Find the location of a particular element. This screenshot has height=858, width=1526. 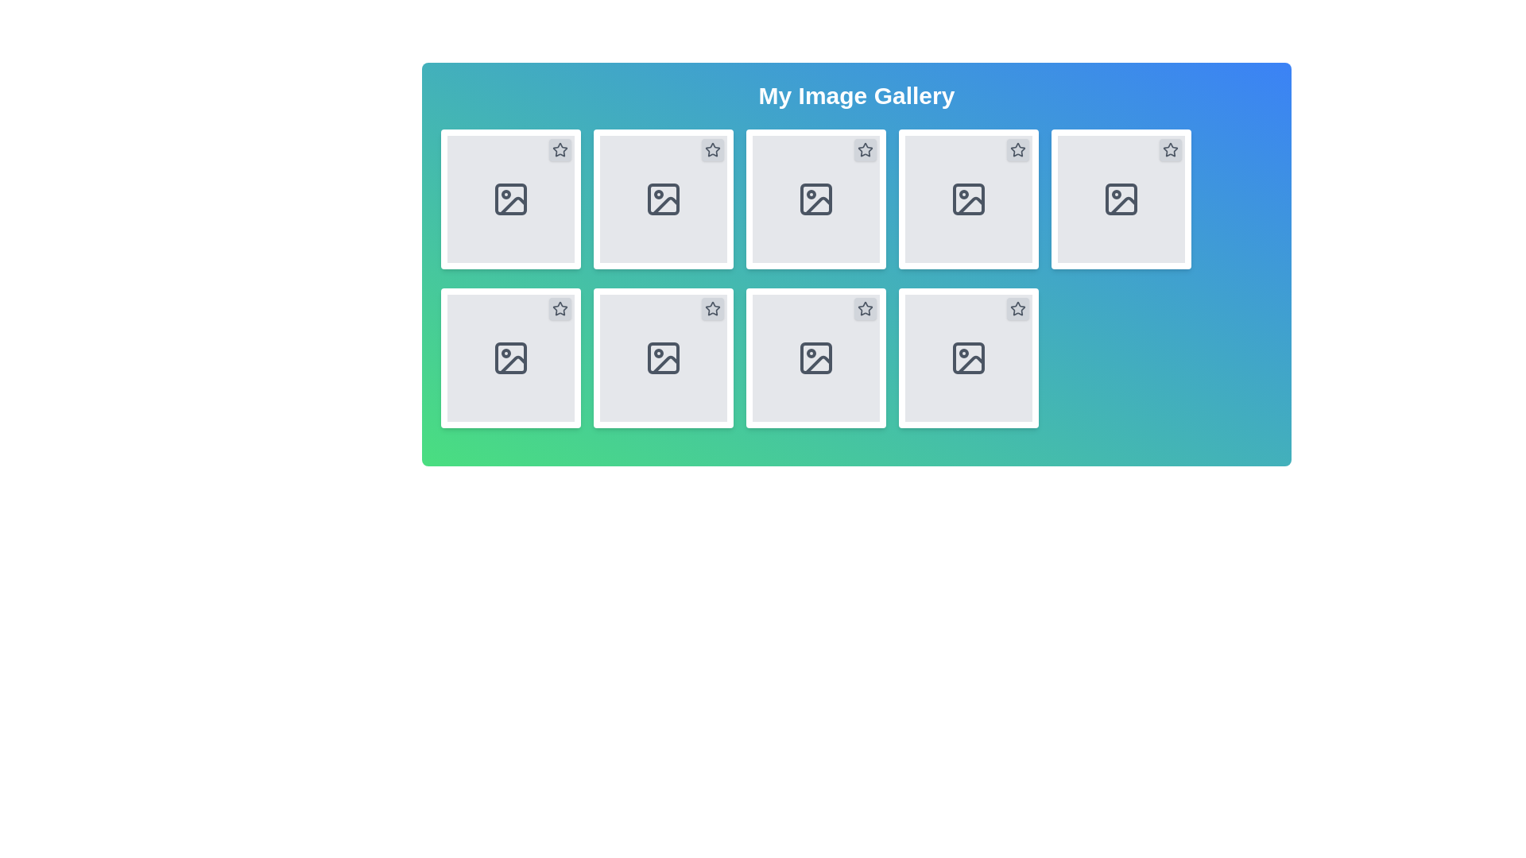

the square-shaped decorative SVG rectangle icon located in the third row and third column of the grid structure is located at coordinates (816, 358).